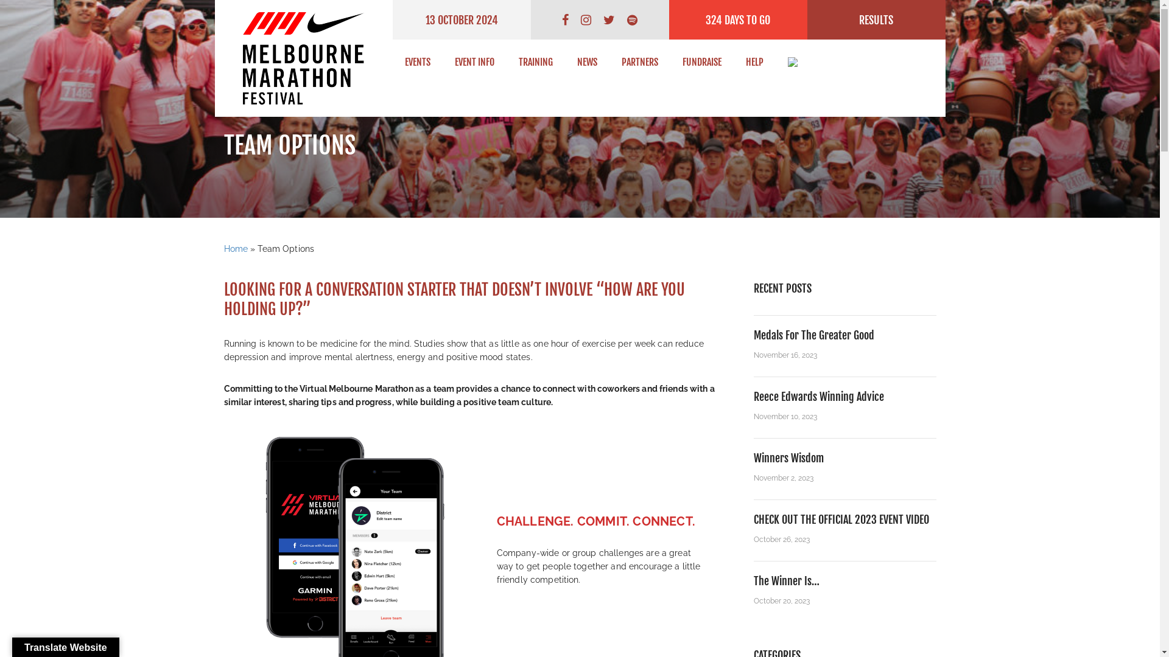  Describe the element at coordinates (753, 457) in the screenshot. I see `'Winners Wisdom'` at that location.